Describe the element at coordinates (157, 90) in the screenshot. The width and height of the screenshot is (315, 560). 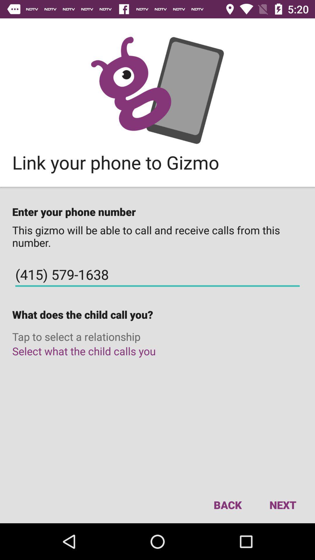
I see `the home page` at that location.